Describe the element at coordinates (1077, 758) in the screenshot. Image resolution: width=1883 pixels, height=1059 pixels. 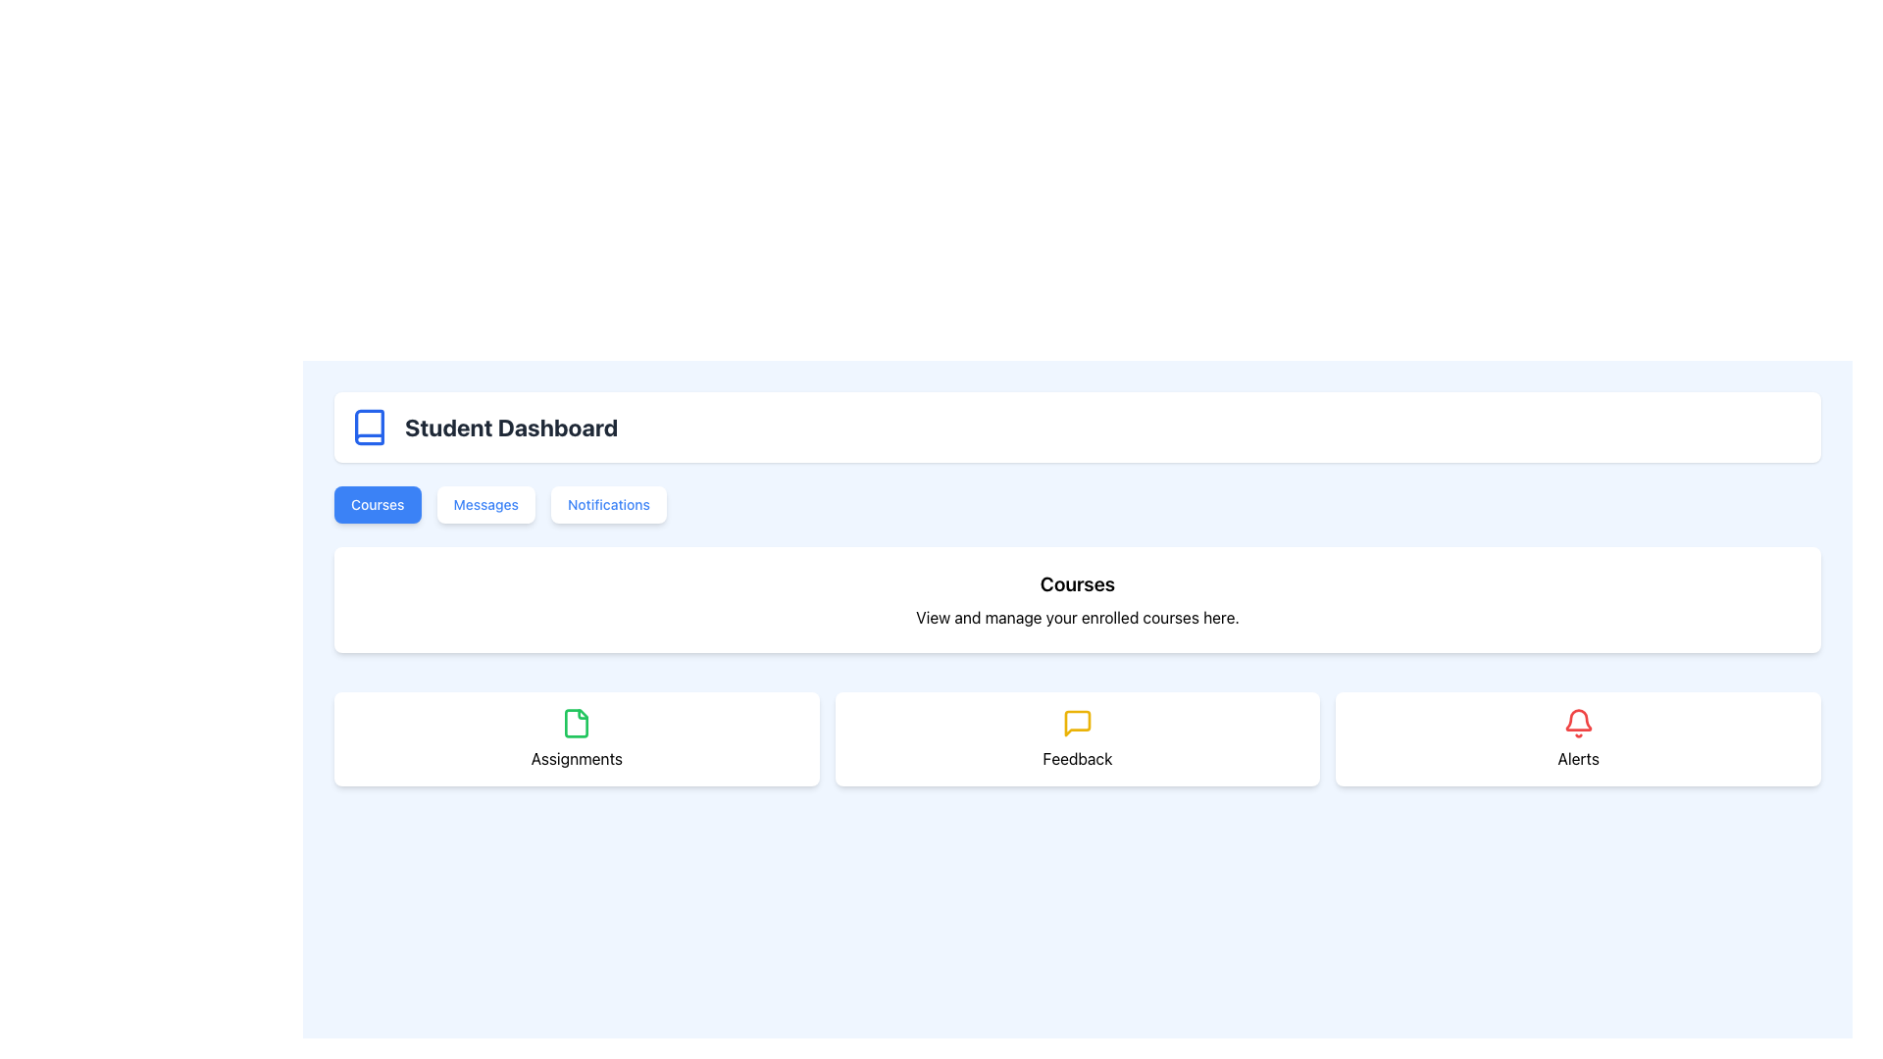
I see `the 'Feedback' text label, which is styled in a standard sans-serif font and positioned below a yellow message icon` at that location.